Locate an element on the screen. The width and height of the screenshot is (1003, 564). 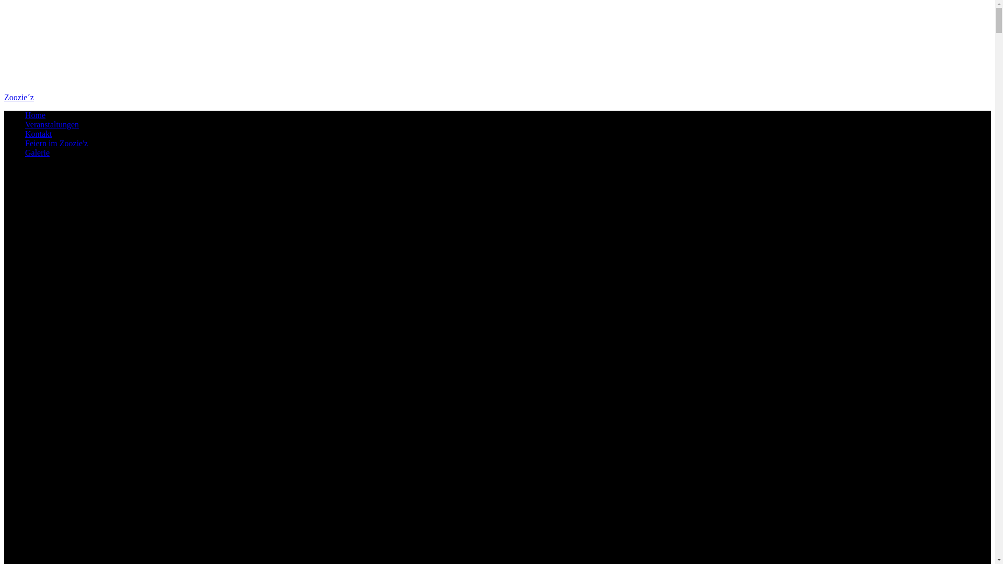
'Feiern im Zoozie'z' is located at coordinates (55, 143).